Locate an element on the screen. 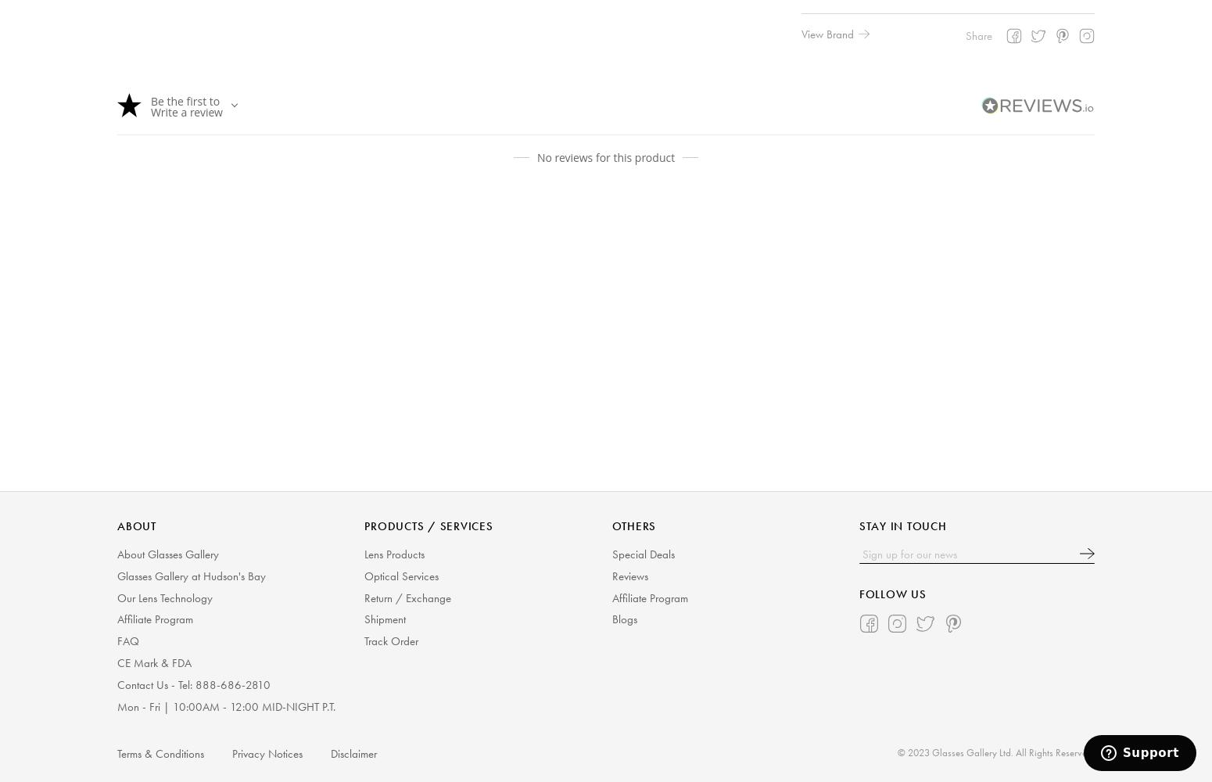 This screenshot has height=782, width=1212. 'Glasses Gallery at Hudson's Bay' is located at coordinates (192, 575).